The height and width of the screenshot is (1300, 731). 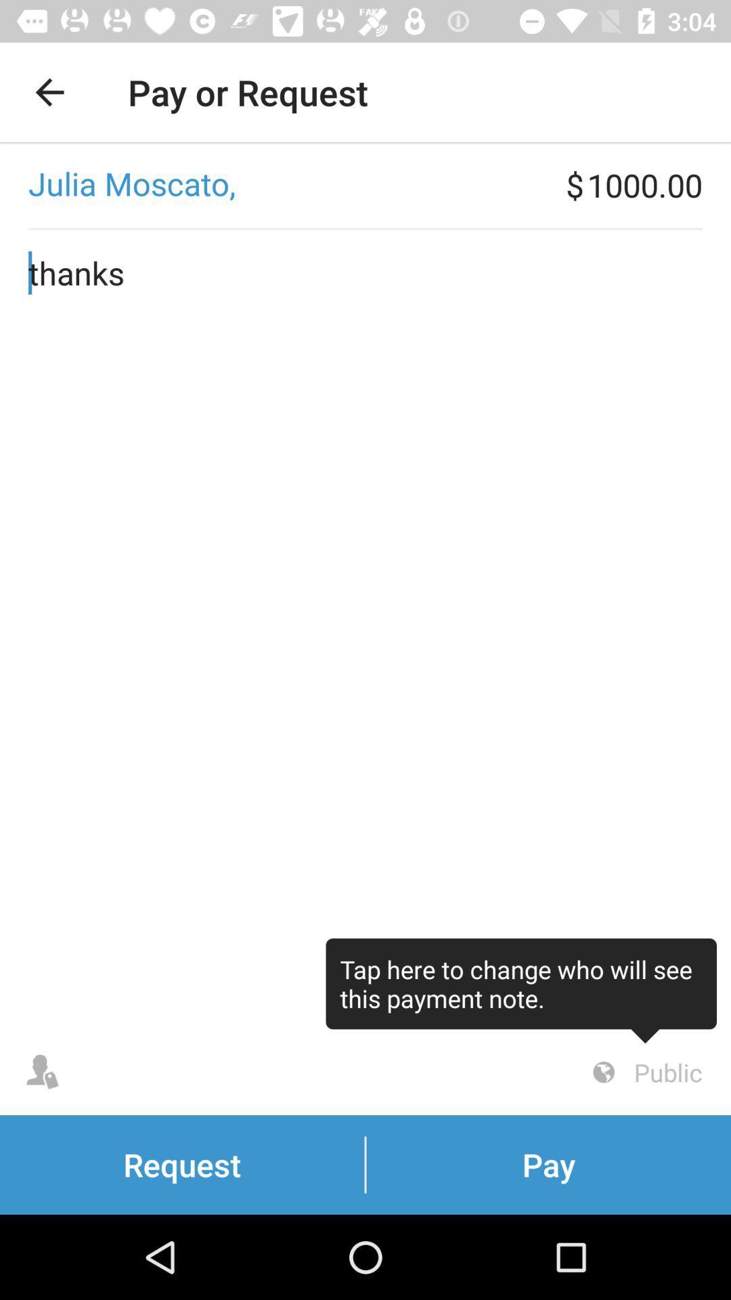 What do you see at coordinates (49, 91) in the screenshot?
I see `the icon to the left of pay or request app` at bounding box center [49, 91].